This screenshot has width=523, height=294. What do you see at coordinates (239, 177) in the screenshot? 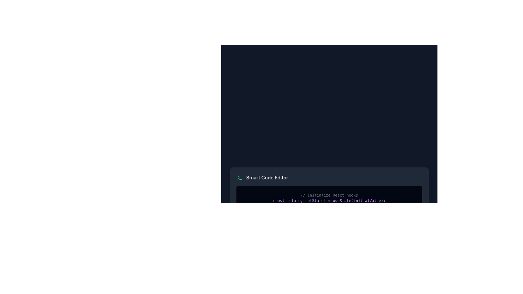
I see `the emerald green icon with a right-facing triangular arrow and a horizontal line beneath it, located to the left of the 'Smart Code Editor' label` at bounding box center [239, 177].